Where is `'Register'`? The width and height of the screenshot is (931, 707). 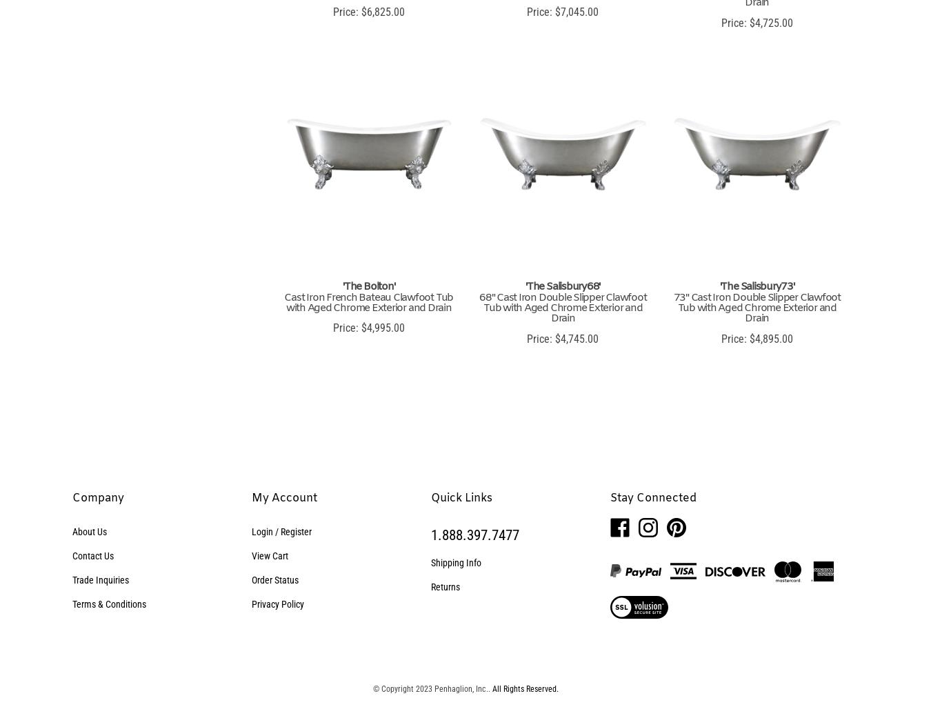
'Register' is located at coordinates (295, 530).